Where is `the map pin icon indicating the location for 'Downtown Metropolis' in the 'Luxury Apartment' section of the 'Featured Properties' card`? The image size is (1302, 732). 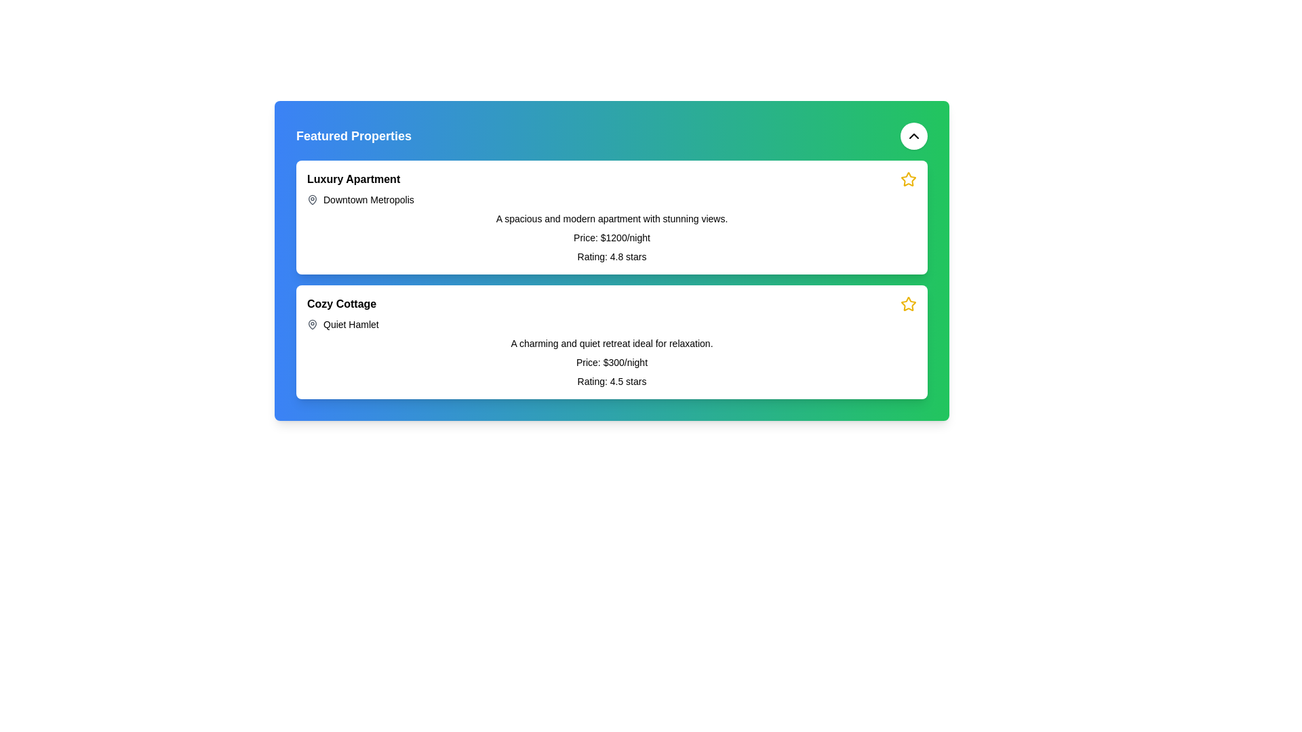 the map pin icon indicating the location for 'Downtown Metropolis' in the 'Luxury Apartment' section of the 'Featured Properties' card is located at coordinates (311, 199).